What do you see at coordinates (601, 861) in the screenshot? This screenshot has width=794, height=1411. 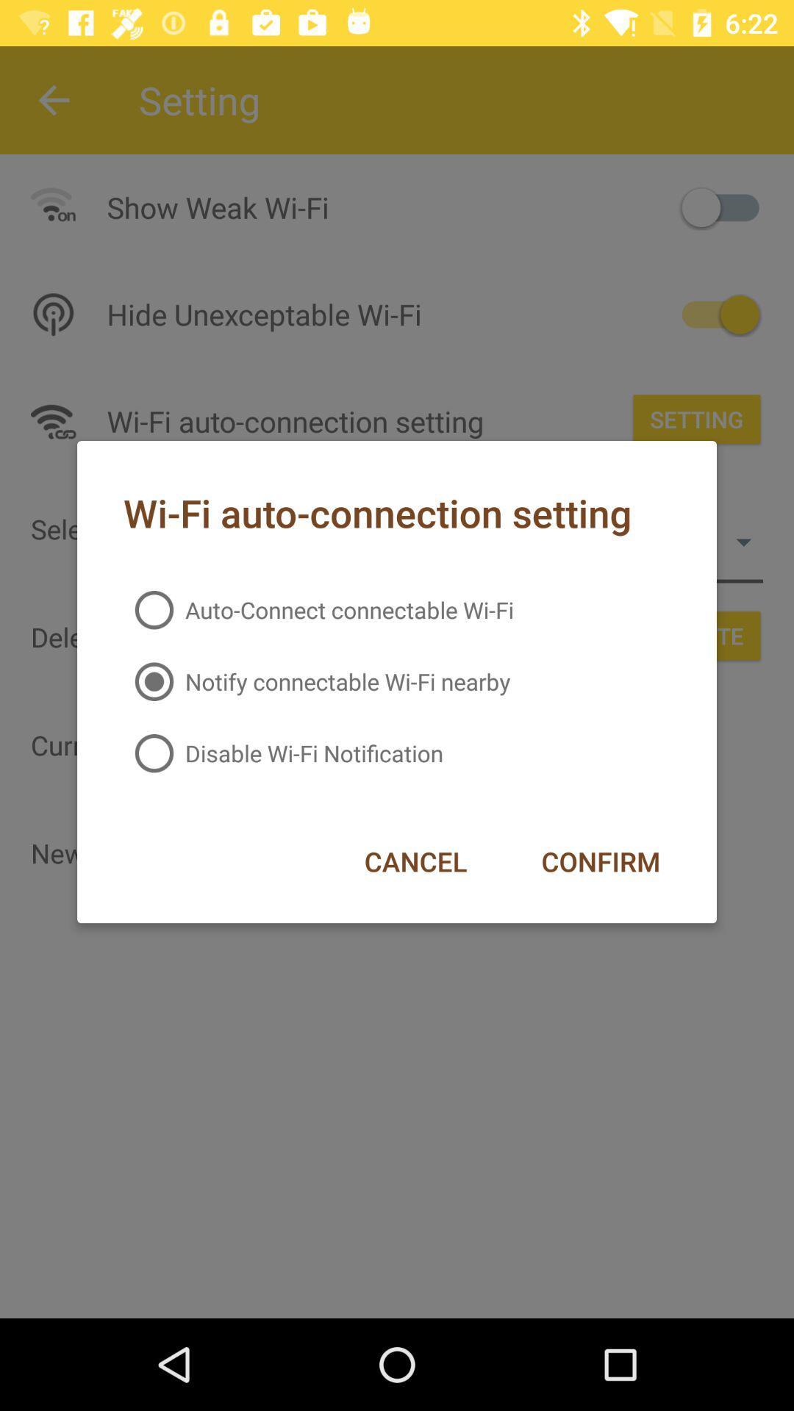 I see `item below notify connectable wi icon` at bounding box center [601, 861].